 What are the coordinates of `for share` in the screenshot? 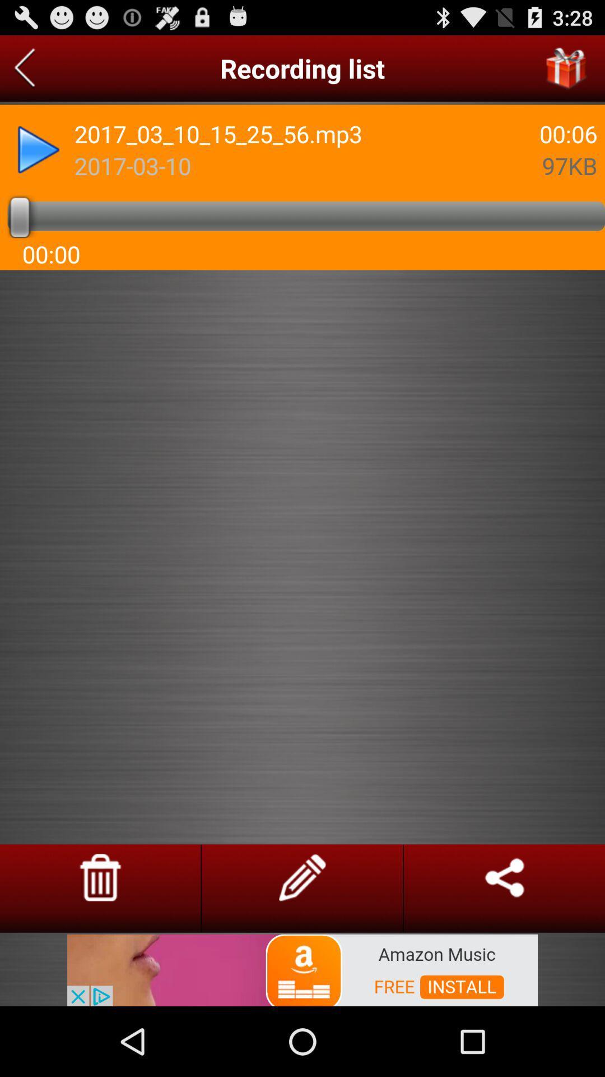 It's located at (504, 877).